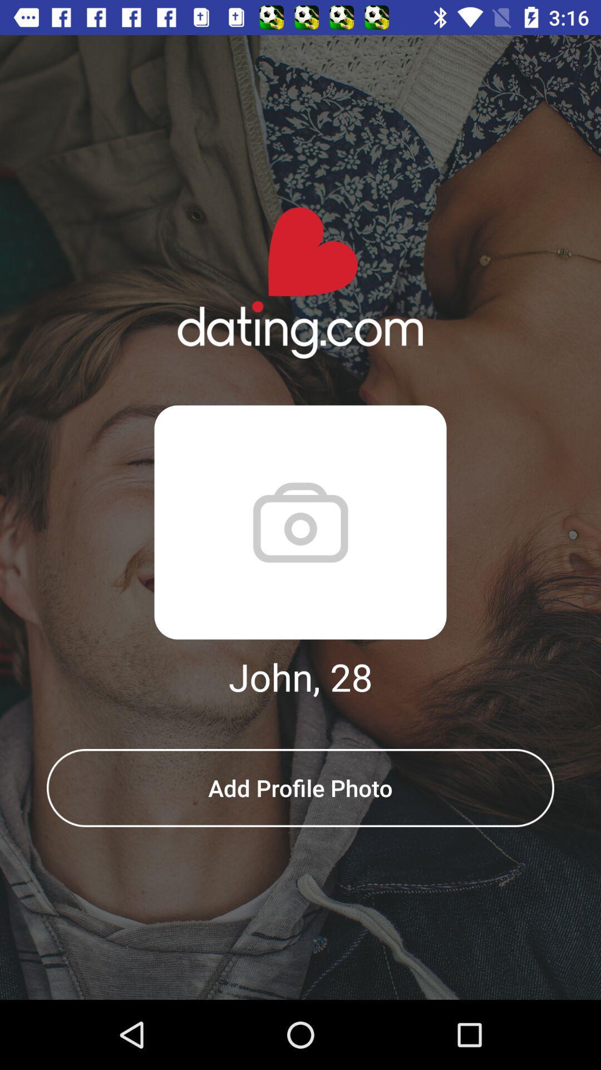 This screenshot has height=1070, width=601. Describe the element at coordinates (300, 787) in the screenshot. I see `the item below the john, 28 item` at that location.